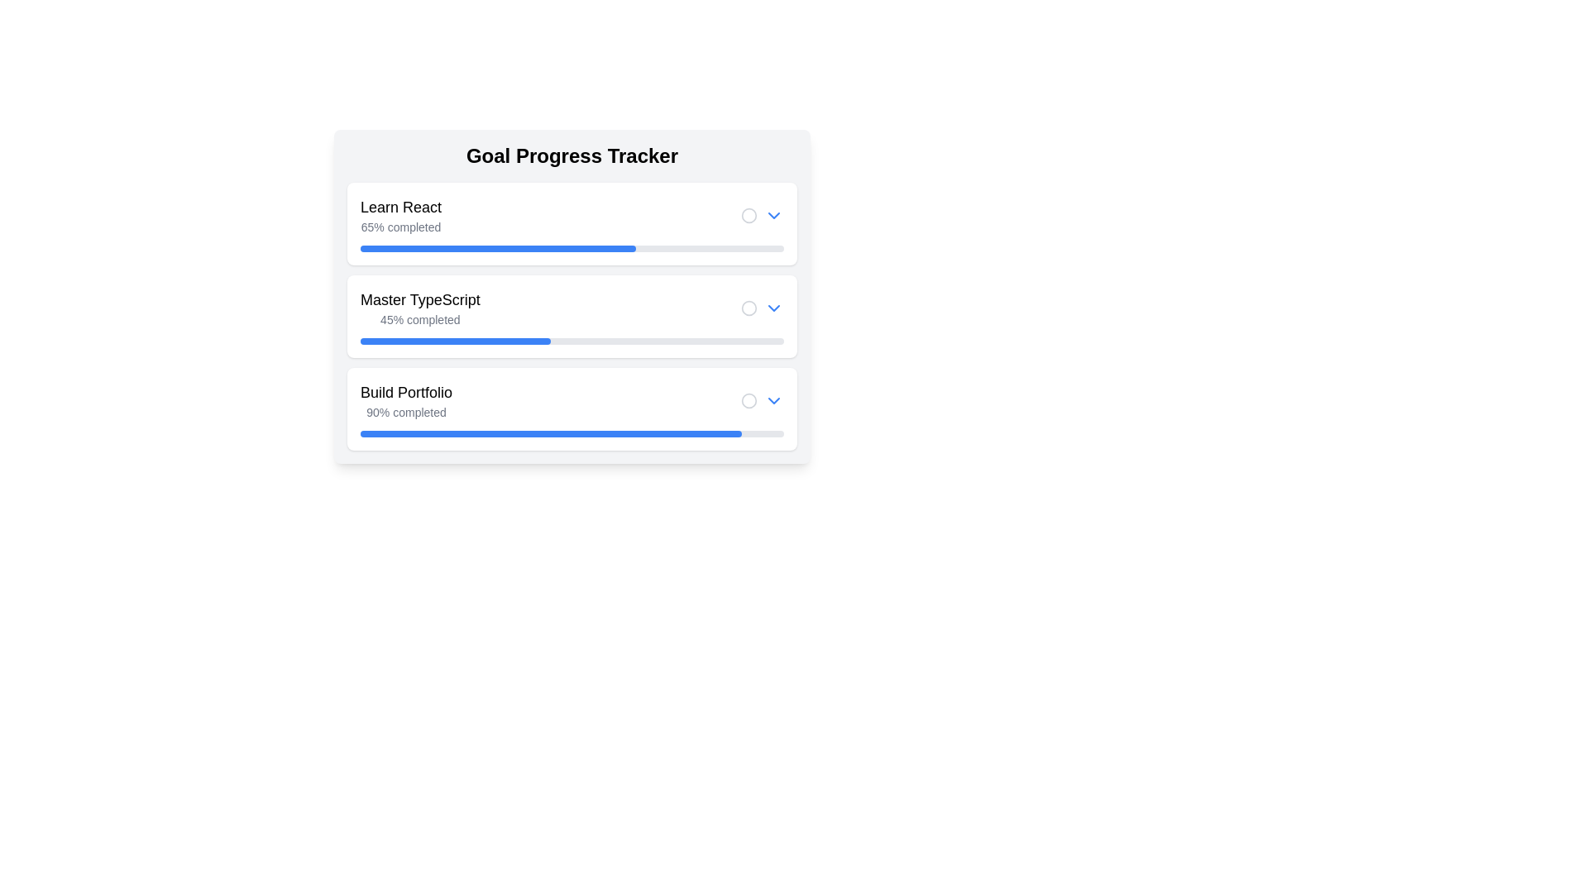 The width and height of the screenshot is (1588, 893). What do you see at coordinates (572, 408) in the screenshot?
I see `the card titled 'Build Portfolio'` at bounding box center [572, 408].